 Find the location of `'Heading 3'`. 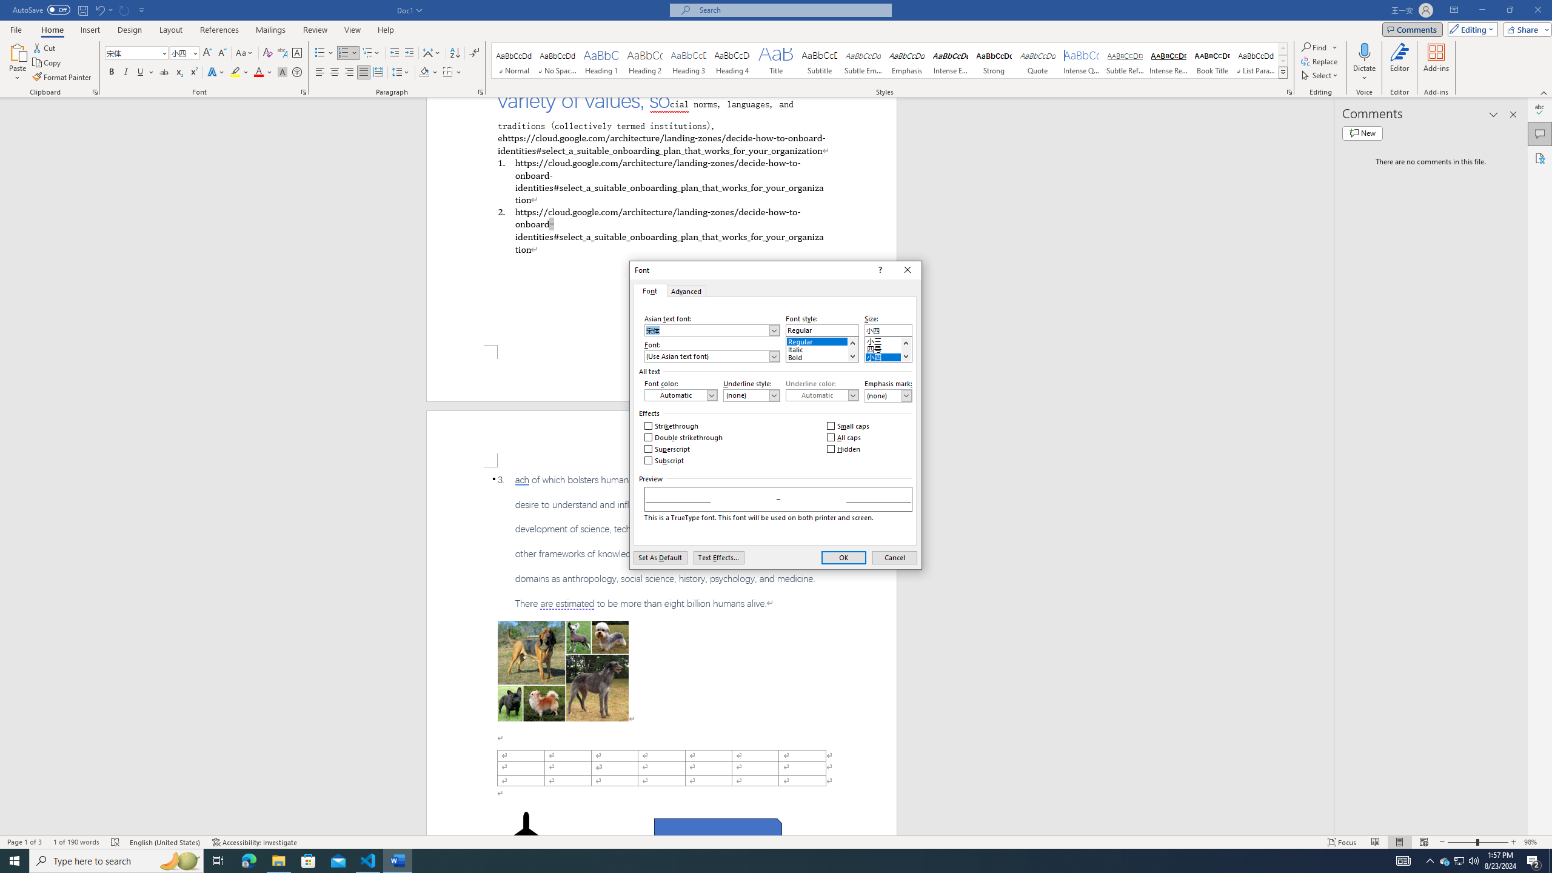

'Heading 3' is located at coordinates (689, 60).